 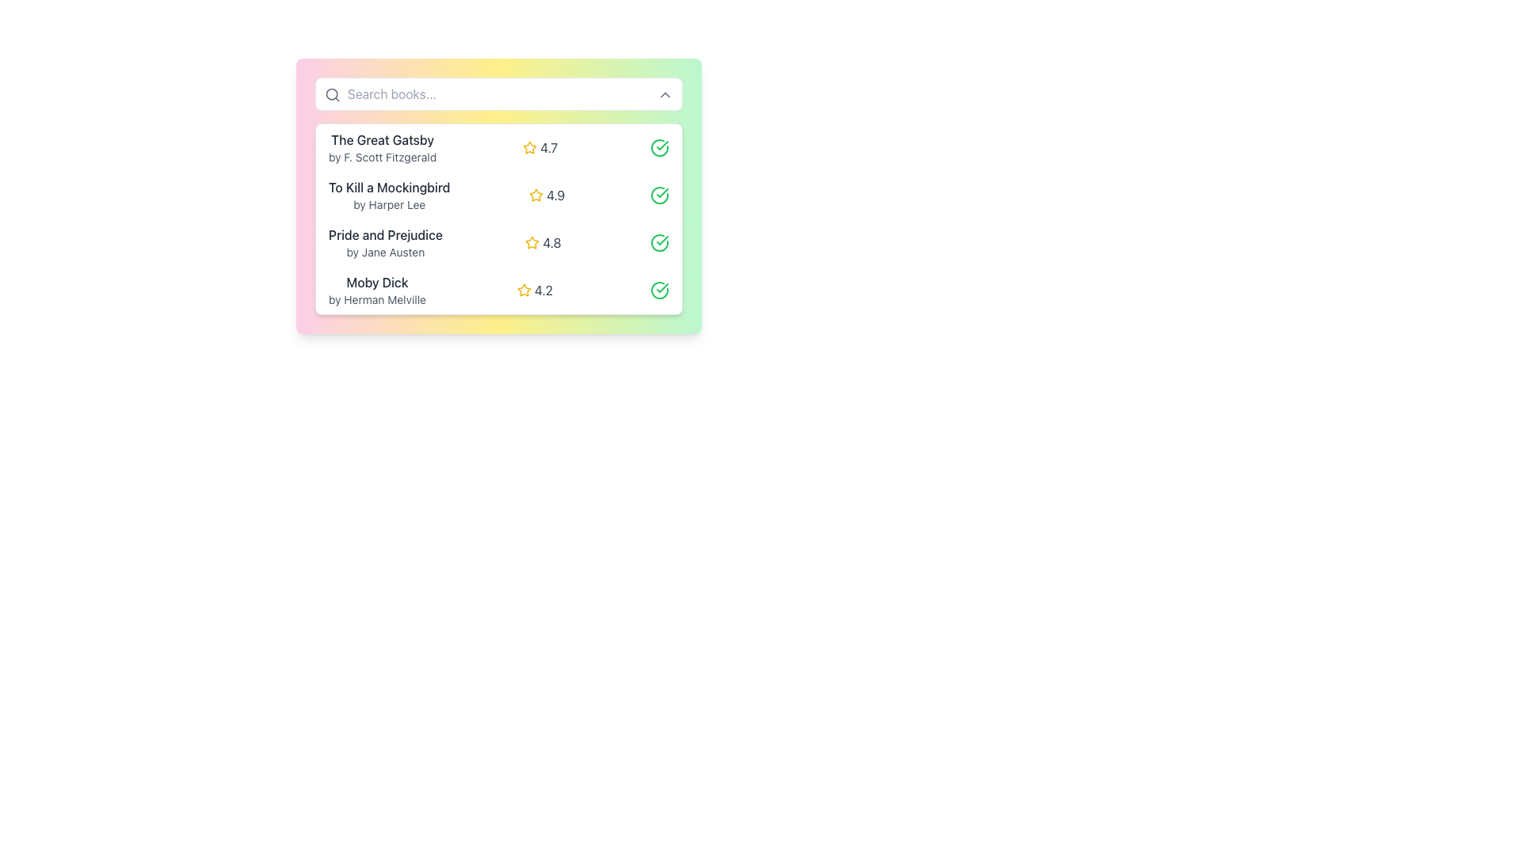 I want to click on the star-shaped icon with a golden yellow outline that represents a rating or favorite indicator, located next to the rating text value '4.8' in the third row of the list interface, so click(x=532, y=243).